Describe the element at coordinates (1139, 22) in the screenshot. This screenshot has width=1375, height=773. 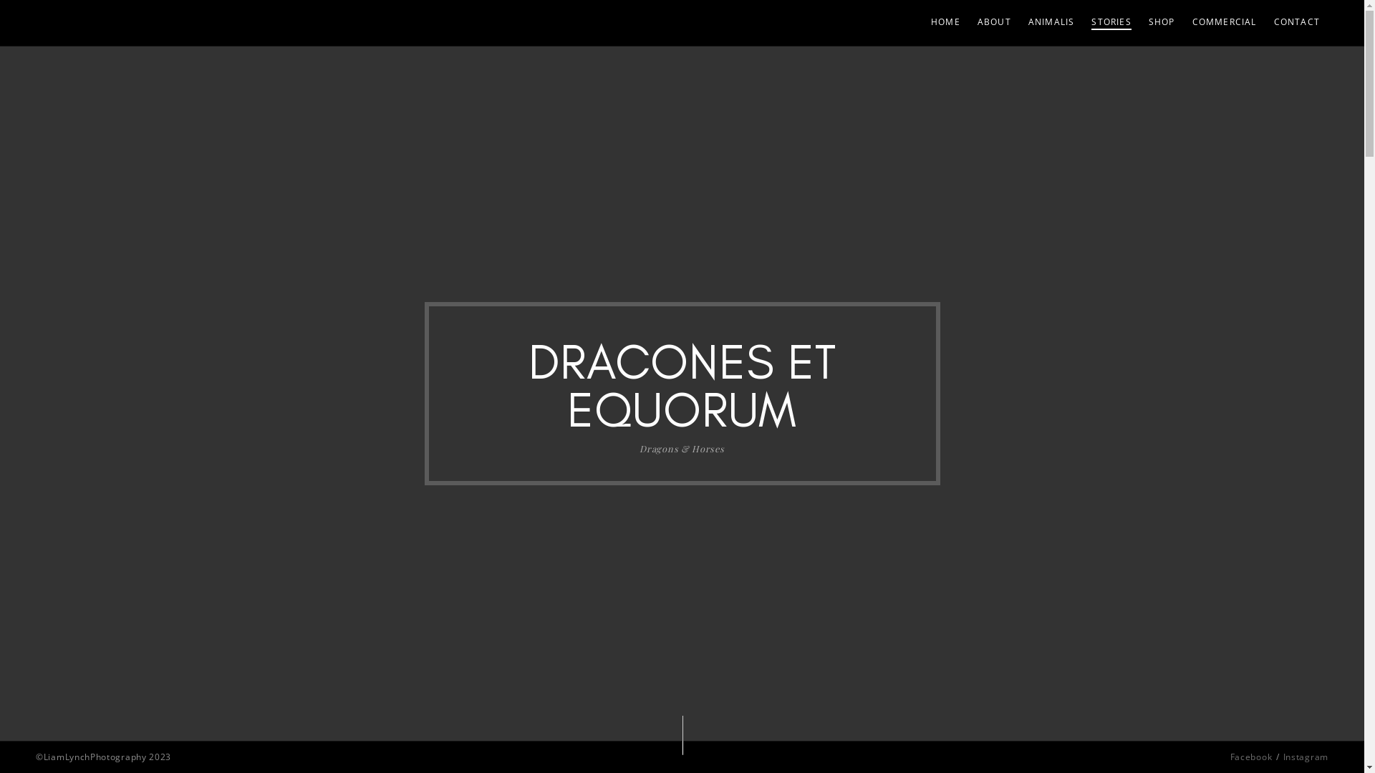
I see `'SHOP'` at that location.